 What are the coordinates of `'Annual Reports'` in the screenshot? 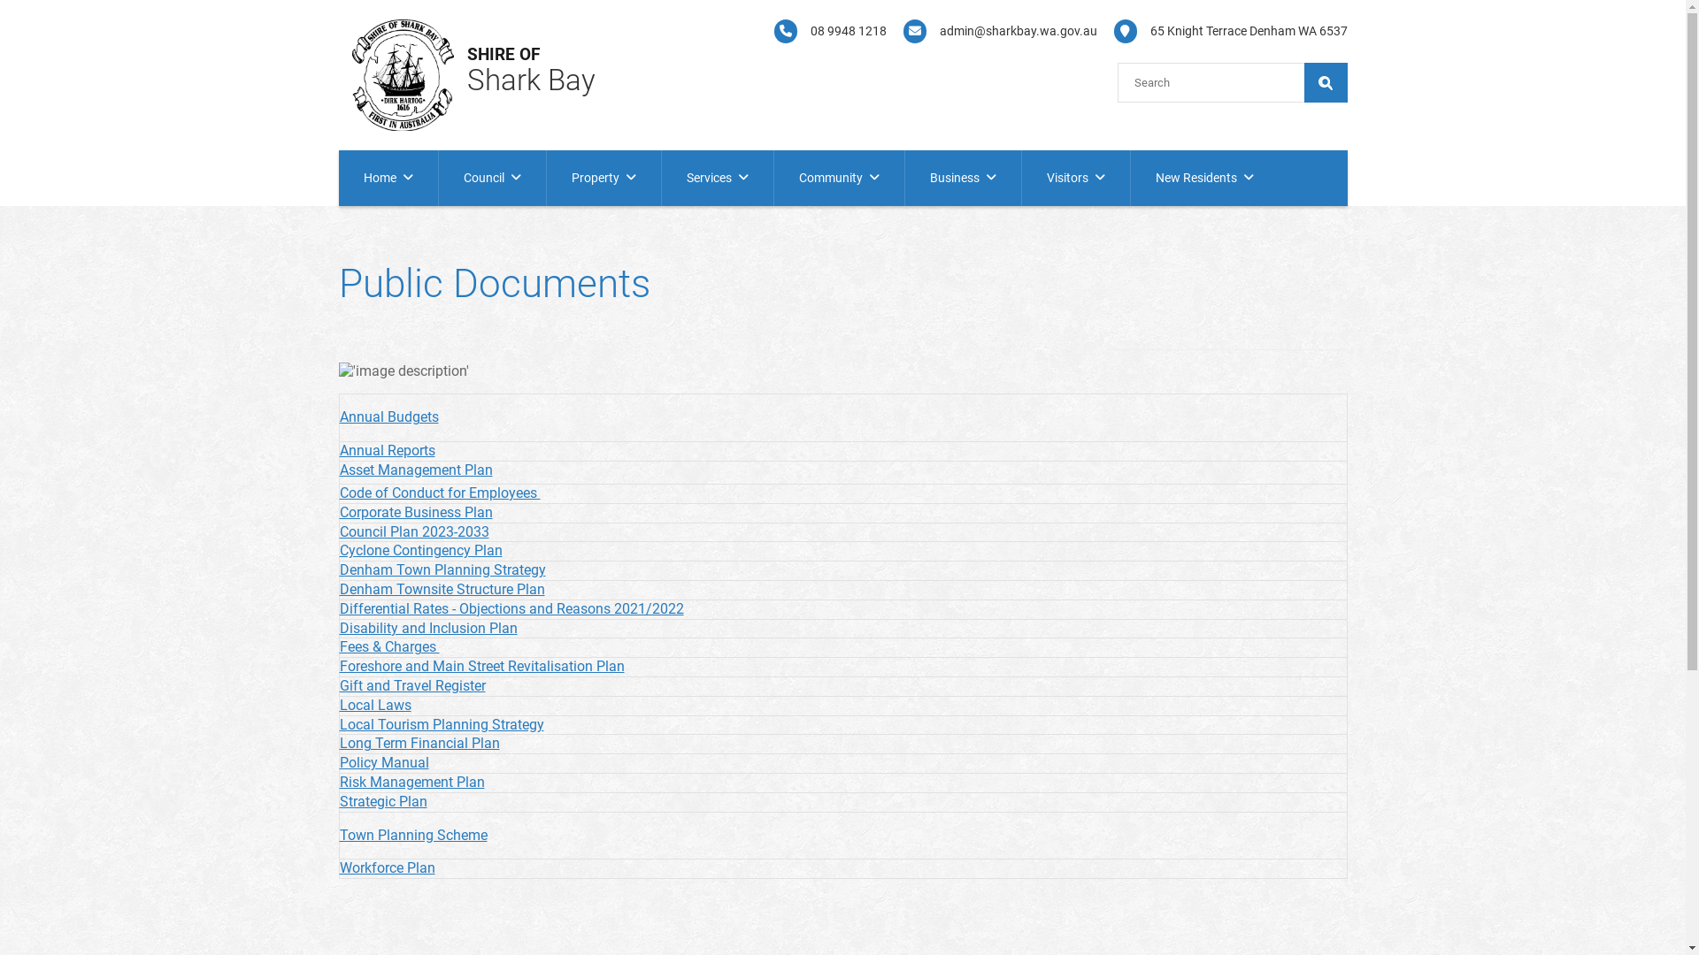 It's located at (386, 449).